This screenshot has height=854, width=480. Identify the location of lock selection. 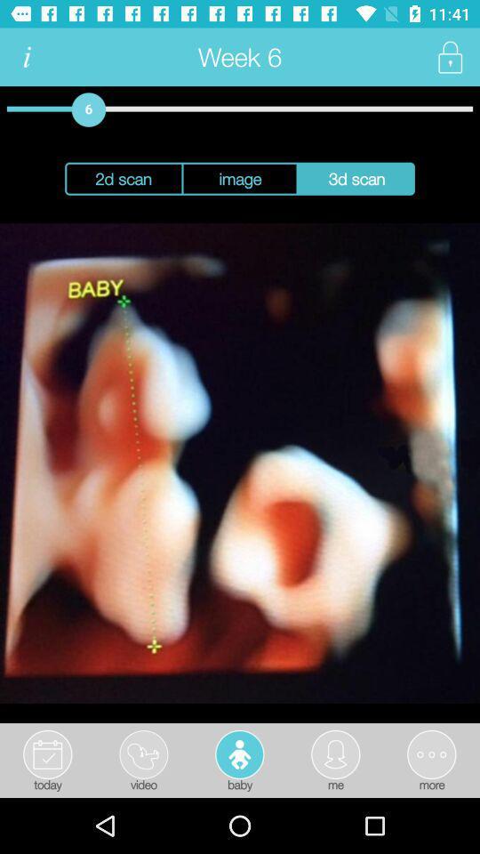
(449, 57).